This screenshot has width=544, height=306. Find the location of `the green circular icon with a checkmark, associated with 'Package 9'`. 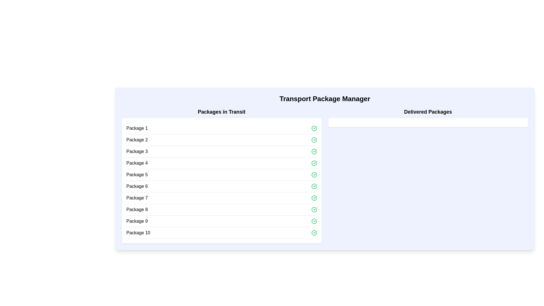

the green circular icon with a checkmark, associated with 'Package 9' is located at coordinates (314, 221).